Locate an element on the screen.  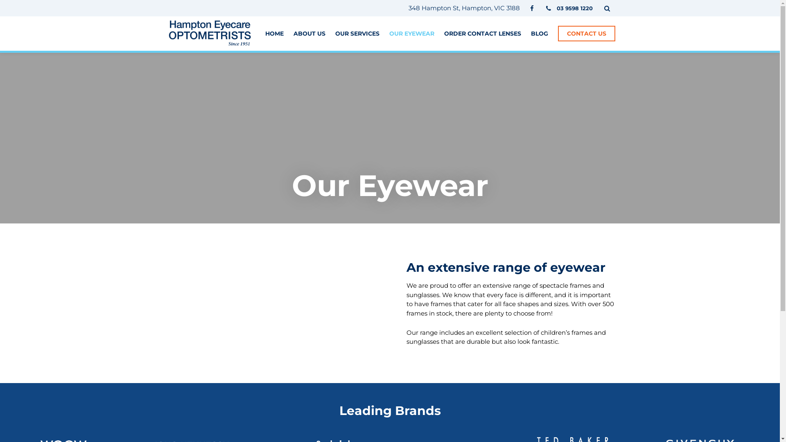
'OUR EYEWEAR' is located at coordinates (411, 33).